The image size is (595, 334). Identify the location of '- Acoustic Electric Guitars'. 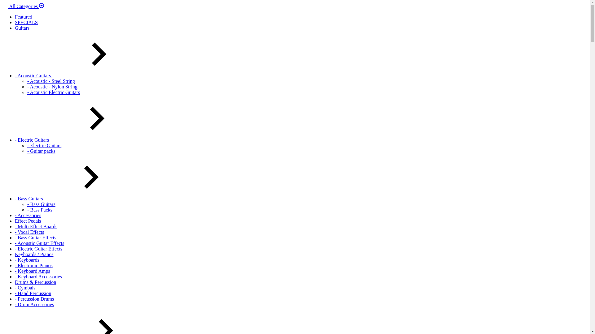
(53, 92).